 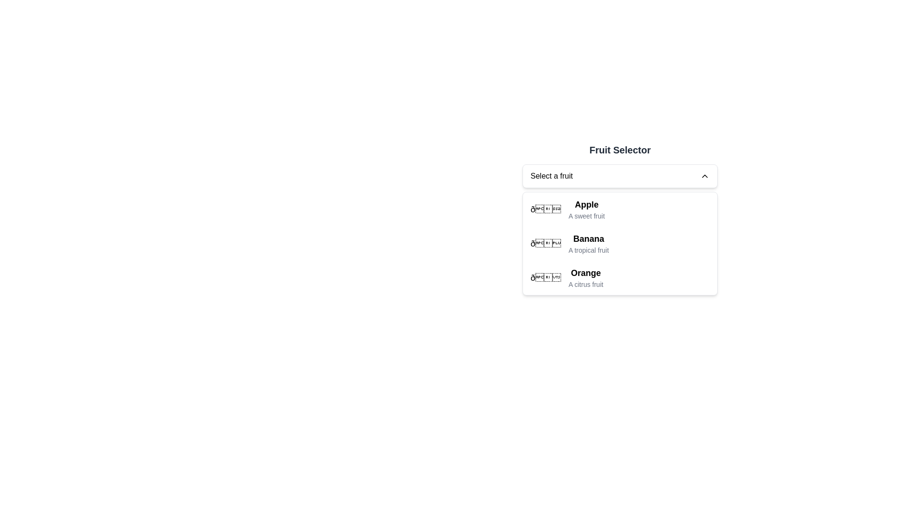 What do you see at coordinates (551, 176) in the screenshot?
I see `the text label that reads 'Select a fruit' located in the dropdown menu interface` at bounding box center [551, 176].